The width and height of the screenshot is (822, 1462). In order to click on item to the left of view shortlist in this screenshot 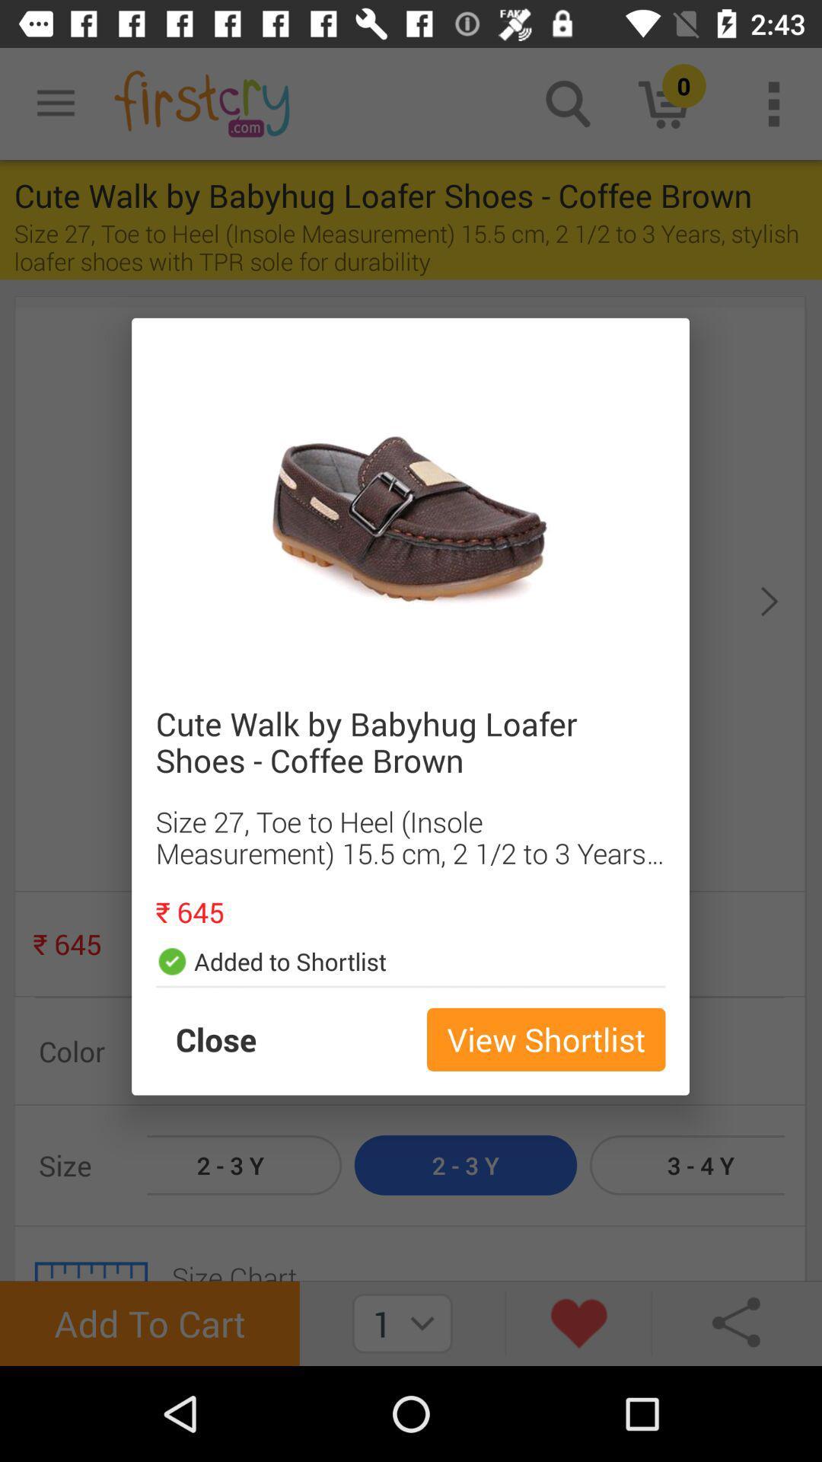, I will do `click(231, 1039)`.